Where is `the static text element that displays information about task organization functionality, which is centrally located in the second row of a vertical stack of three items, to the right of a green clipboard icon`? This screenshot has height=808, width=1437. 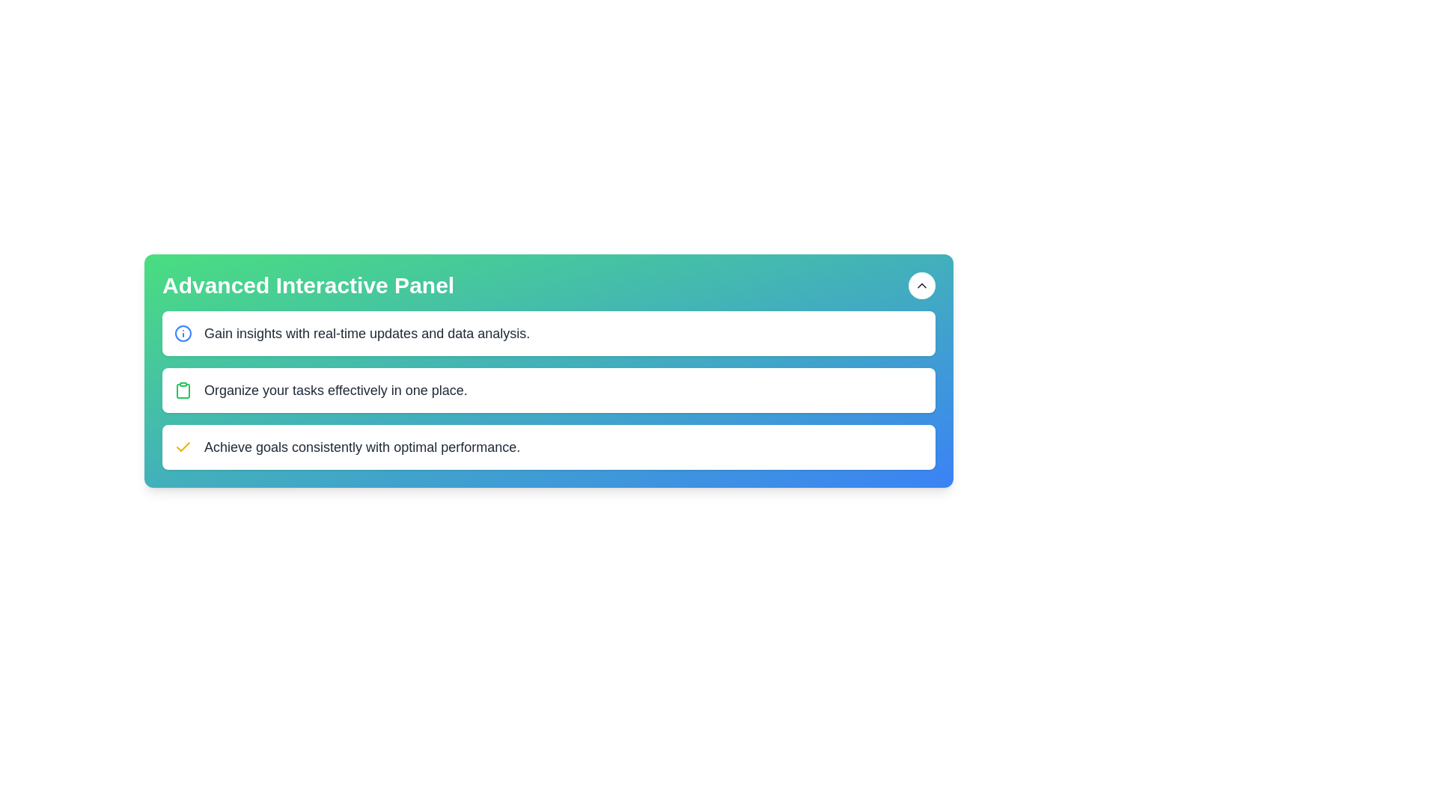 the static text element that displays information about task organization functionality, which is centrally located in the second row of a vertical stack of three items, to the right of a green clipboard icon is located at coordinates (335, 389).